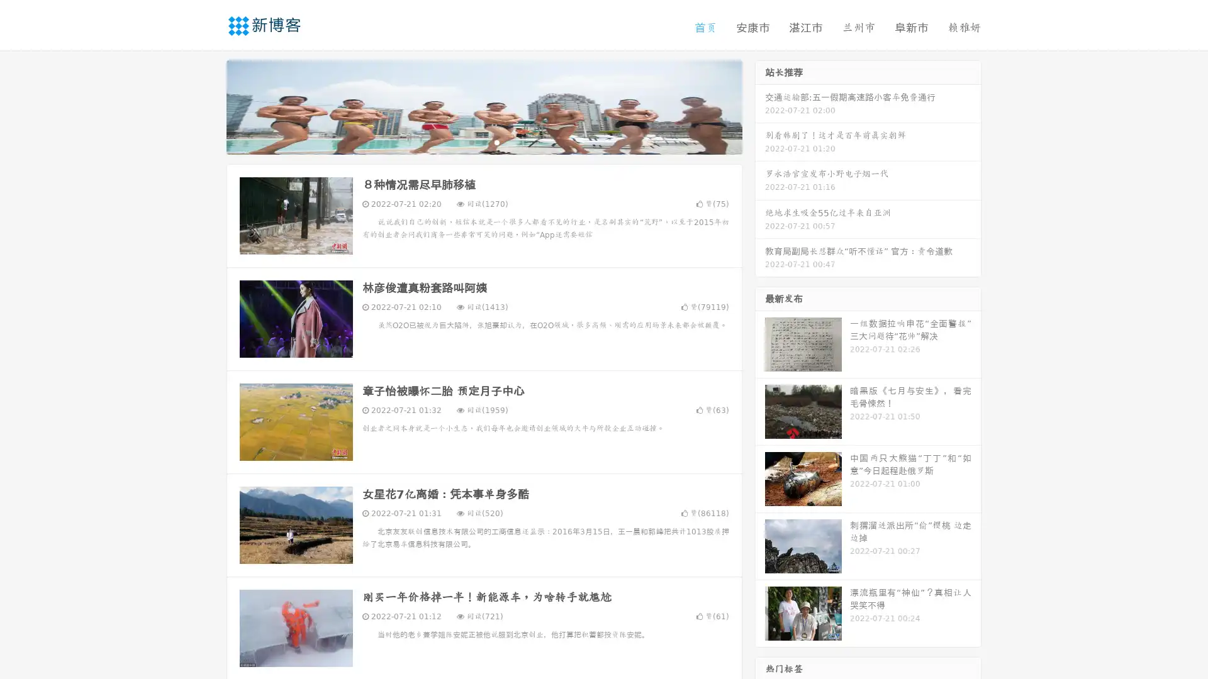 This screenshot has width=1208, height=679. What do you see at coordinates (760, 106) in the screenshot?
I see `Next slide` at bounding box center [760, 106].